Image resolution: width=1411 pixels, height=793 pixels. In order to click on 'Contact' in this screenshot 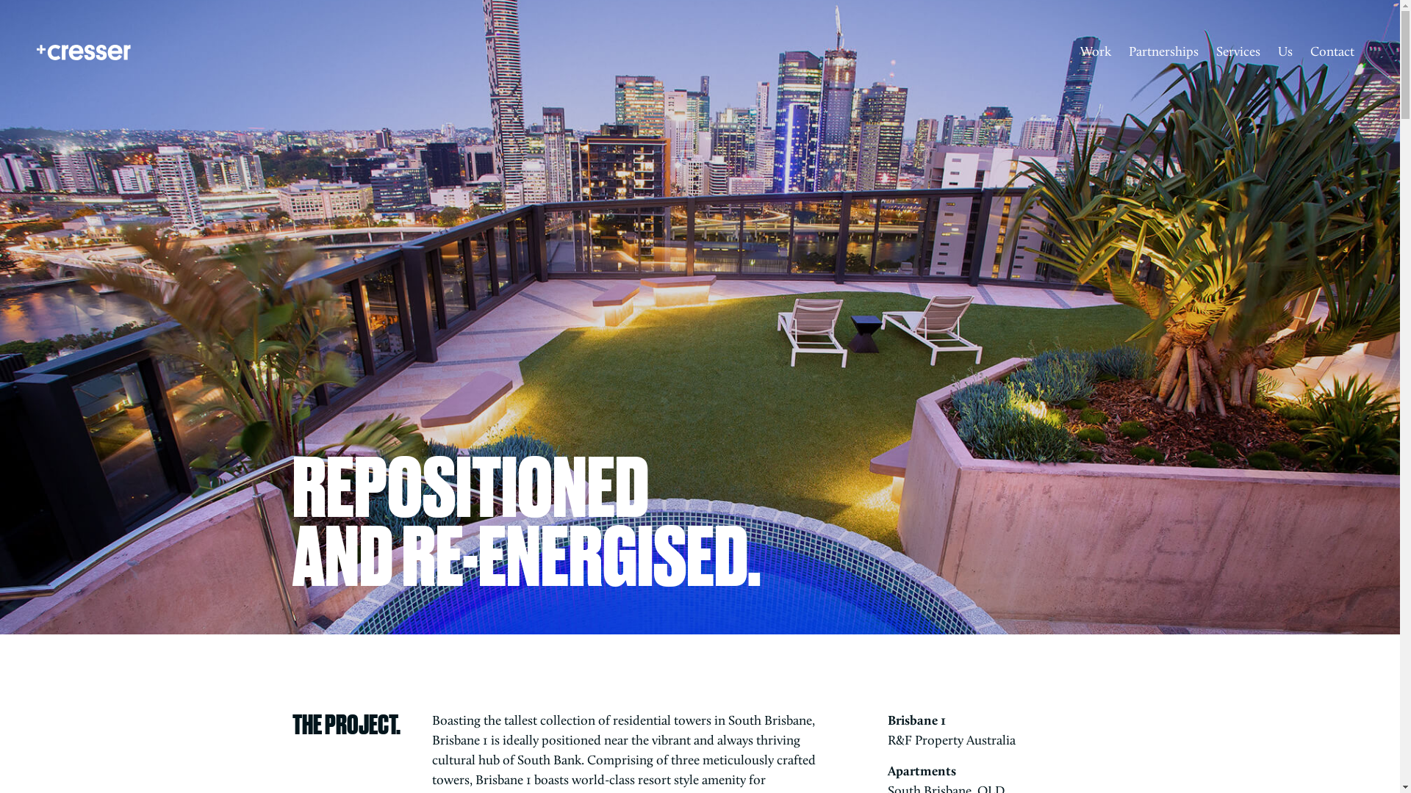, I will do `click(1332, 51)`.